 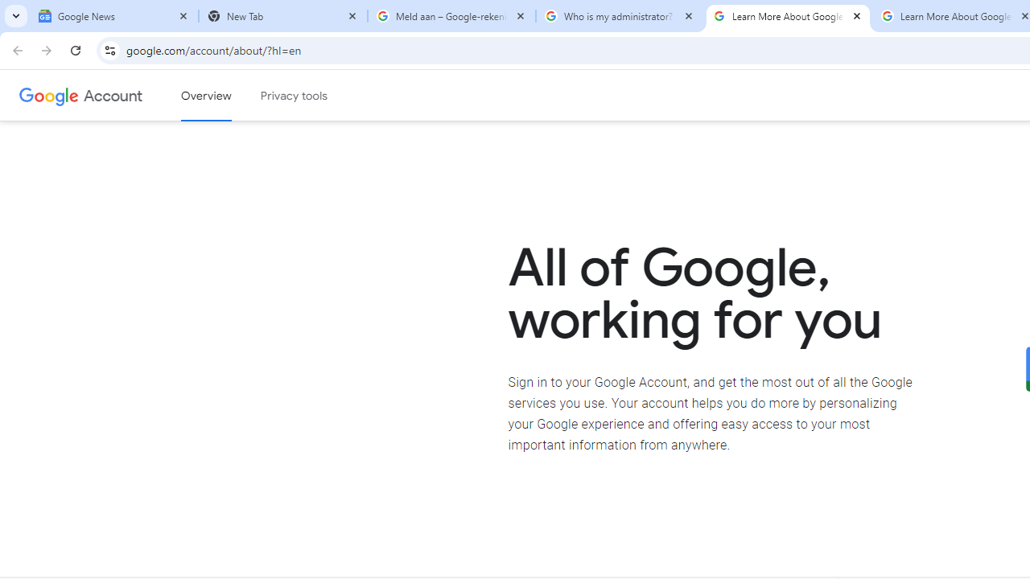 I want to click on 'Google News', so click(x=113, y=16).